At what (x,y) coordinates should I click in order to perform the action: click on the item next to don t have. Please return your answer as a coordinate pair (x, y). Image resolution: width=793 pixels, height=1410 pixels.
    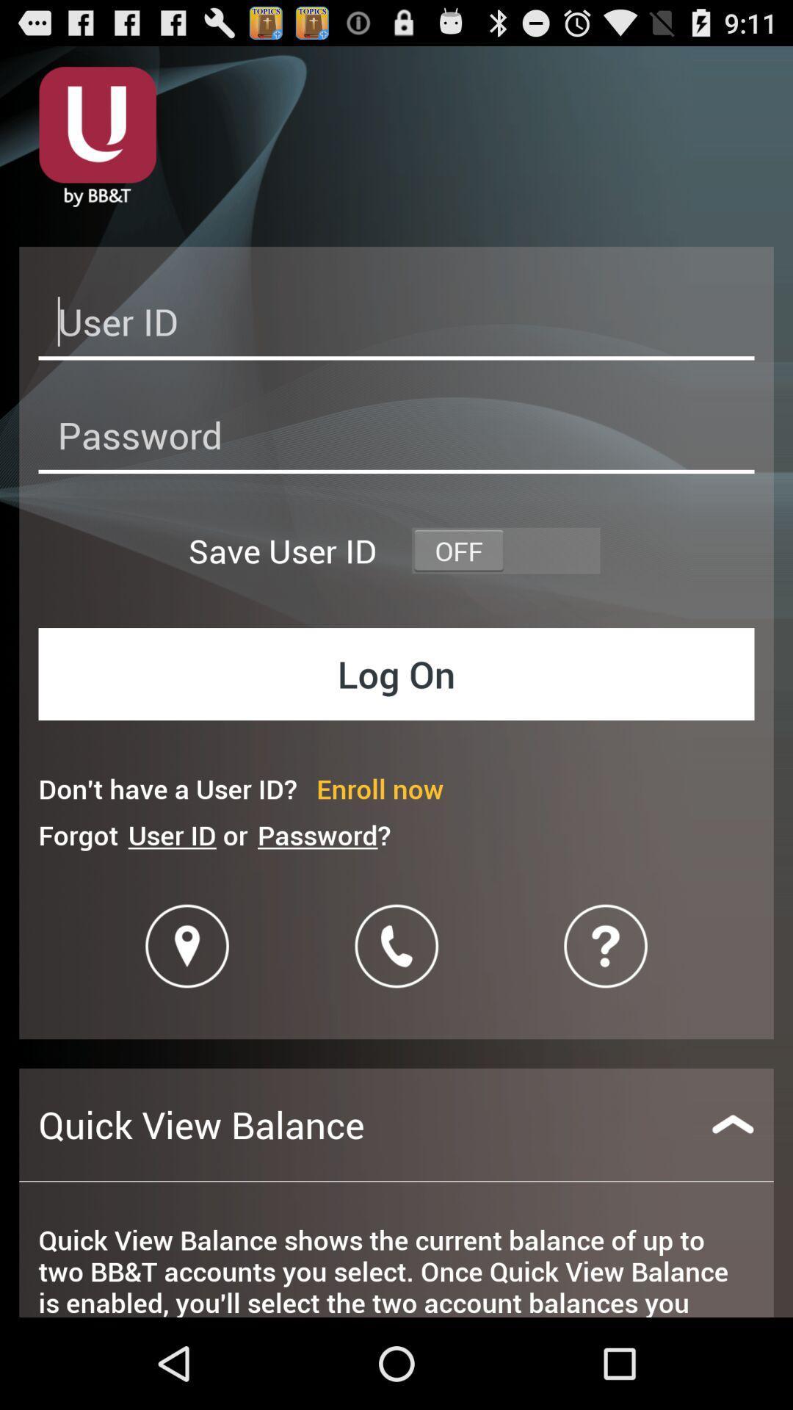
    Looking at the image, I should click on (379, 788).